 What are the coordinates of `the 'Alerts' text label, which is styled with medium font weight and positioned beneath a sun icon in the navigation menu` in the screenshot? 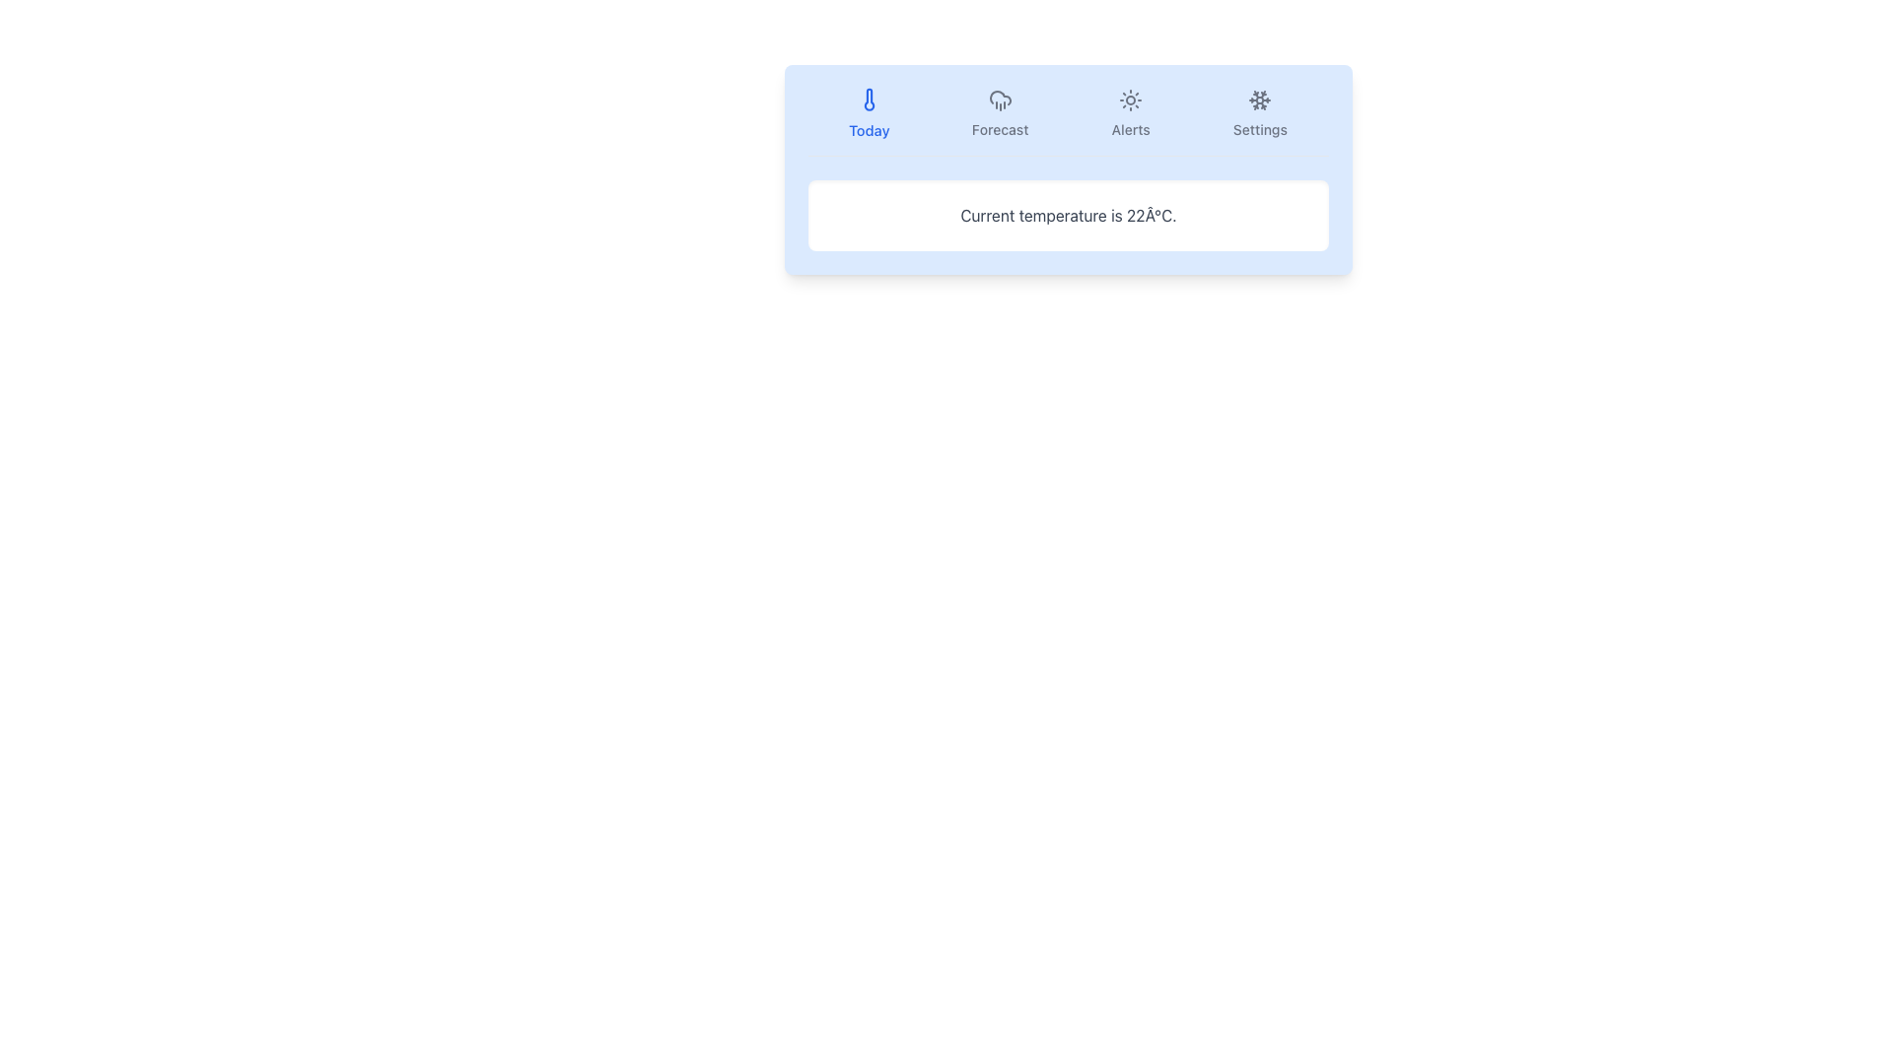 It's located at (1131, 129).